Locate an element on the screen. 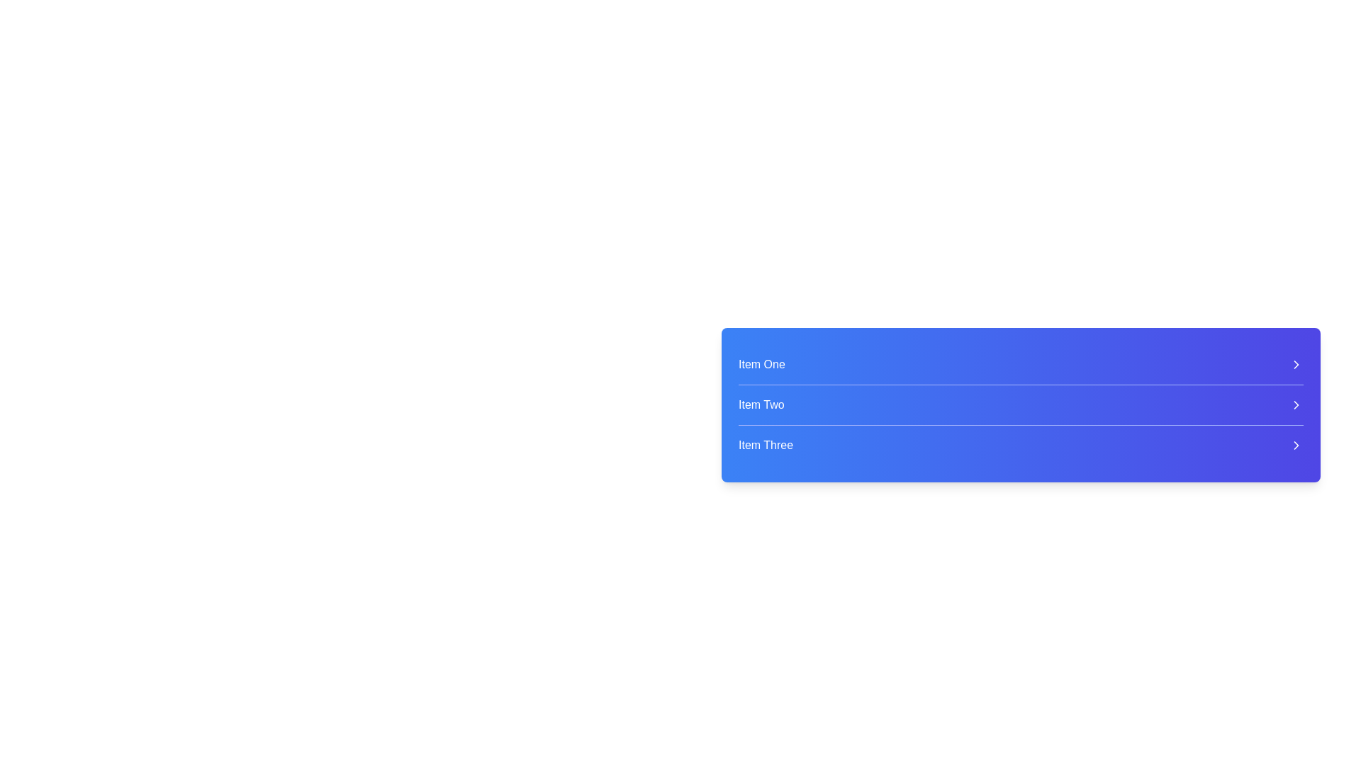 Image resolution: width=1361 pixels, height=765 pixels. the Text Label for 'Item Three' which serves as a title for a menu item in the bottom section of the vertically stacked menu is located at coordinates (765, 444).